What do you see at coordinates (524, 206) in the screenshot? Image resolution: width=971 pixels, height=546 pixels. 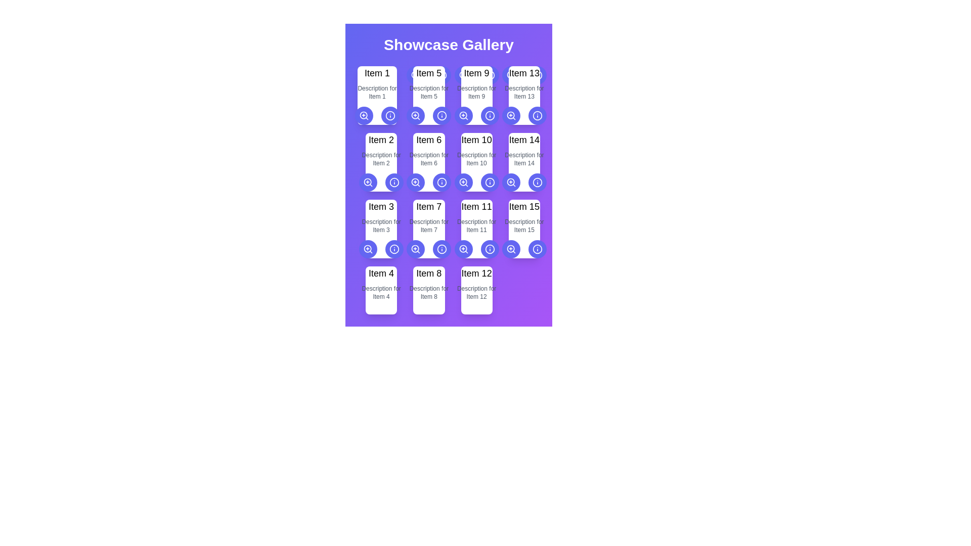 I see `the text label displaying the title or name of the item in the fifth card of the third row in the grid layout` at bounding box center [524, 206].